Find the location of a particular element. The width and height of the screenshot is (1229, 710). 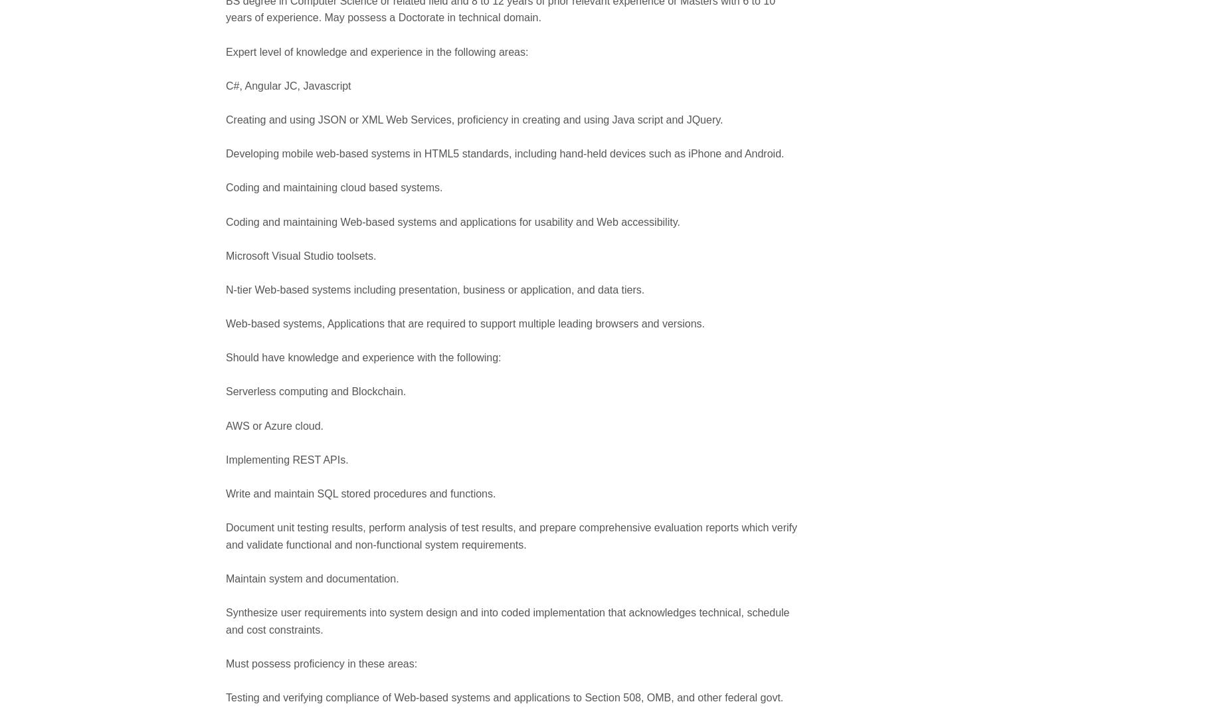

'Expert level of knowledge and experience in the following areas:' is located at coordinates (377, 50).